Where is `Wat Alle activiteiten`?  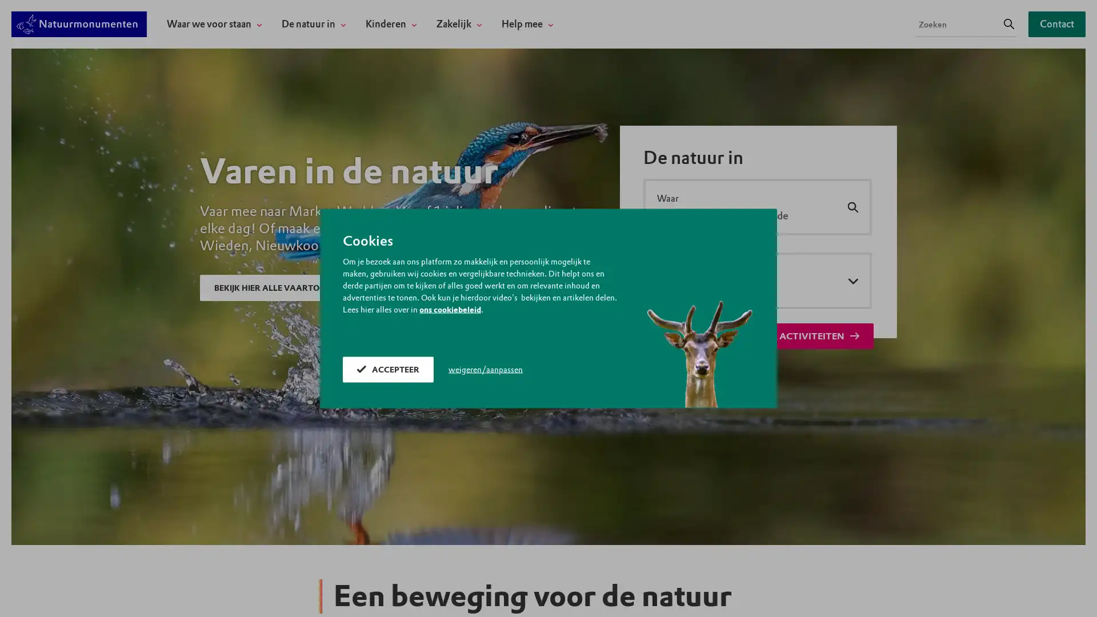 Wat Alle activiteiten is located at coordinates (757, 281).